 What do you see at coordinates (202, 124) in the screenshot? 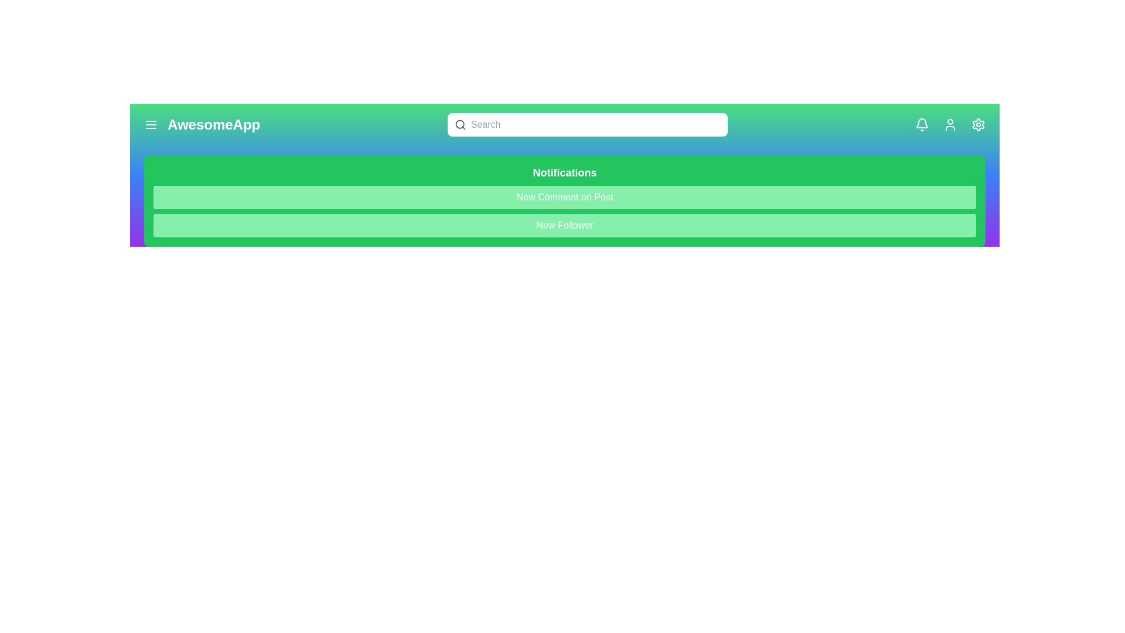
I see `application name 'AwesomeApp' from the composite component consisting of a menu icon and text label, which is positioned at the top-left corner of the interface within the header section` at bounding box center [202, 124].